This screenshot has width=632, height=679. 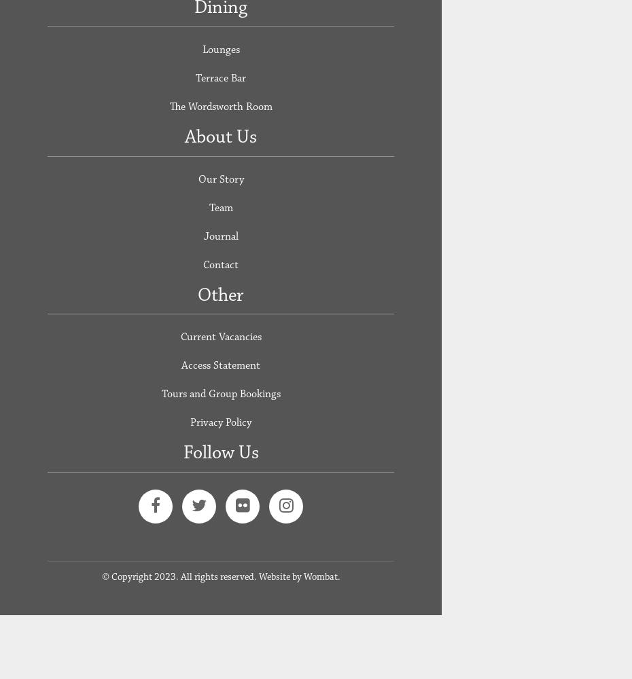 I want to click on 'Terrace Bar', so click(x=220, y=77).